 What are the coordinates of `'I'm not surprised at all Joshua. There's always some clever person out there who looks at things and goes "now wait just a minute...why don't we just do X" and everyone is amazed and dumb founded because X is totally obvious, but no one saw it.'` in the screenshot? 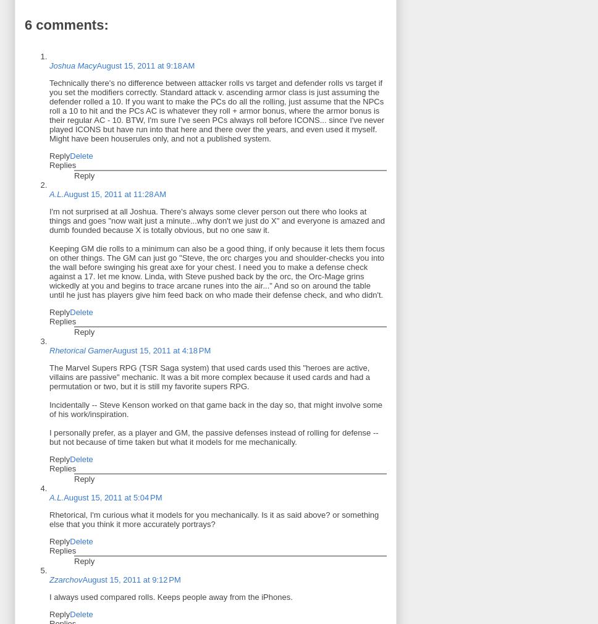 It's located at (216, 220).